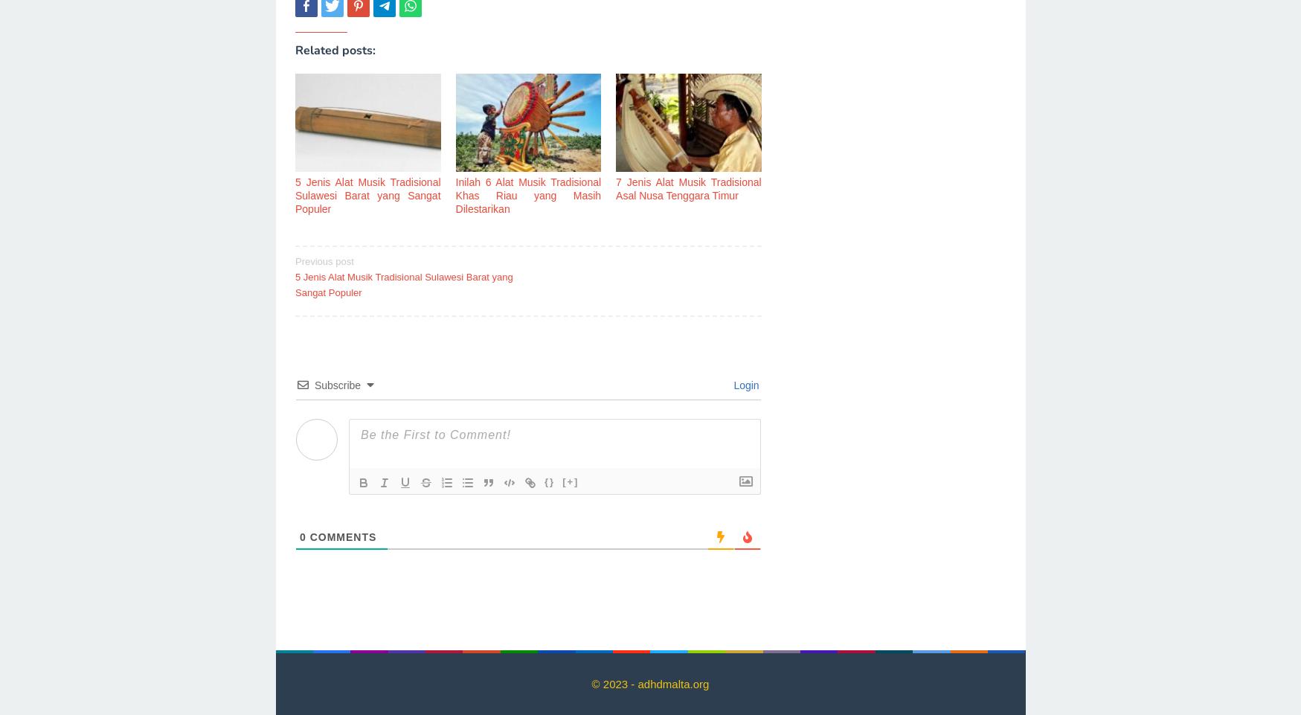  I want to click on '5 Jenis Alat Musik Tradisional Sulawesi Barat yang Sangat Populer', so click(367, 195).